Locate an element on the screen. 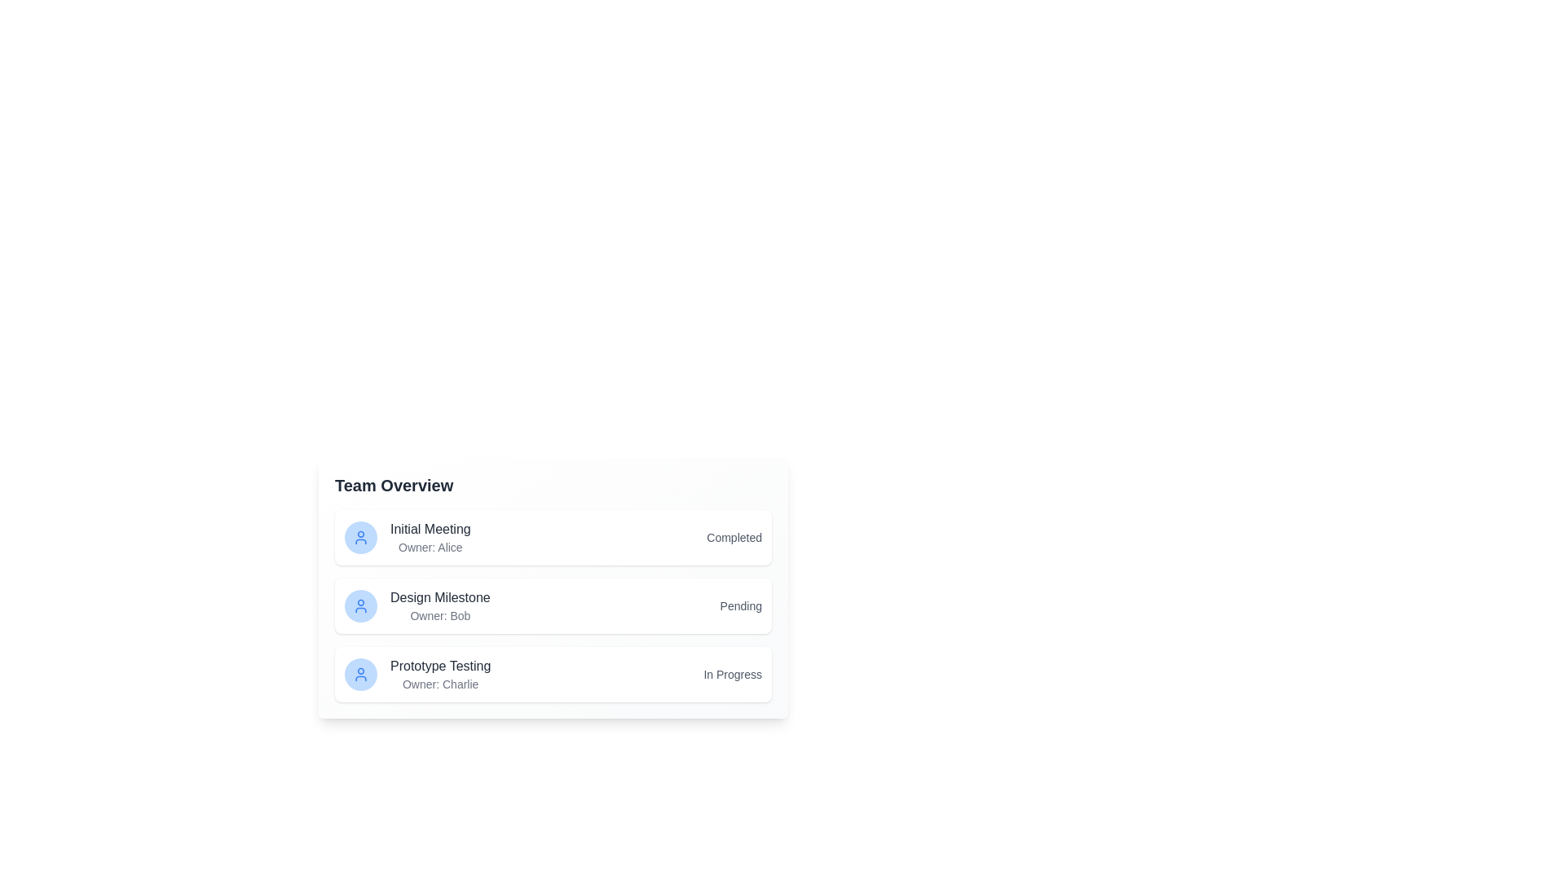 The height and width of the screenshot is (880, 1565). the Profile/Avatar Icon located in the 'Prototype Testing' section is located at coordinates (359, 675).